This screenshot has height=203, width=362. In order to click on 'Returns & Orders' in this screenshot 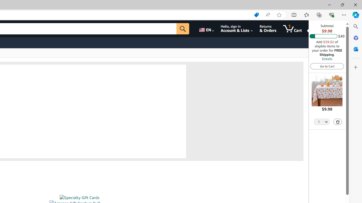, I will do `click(268, 28)`.